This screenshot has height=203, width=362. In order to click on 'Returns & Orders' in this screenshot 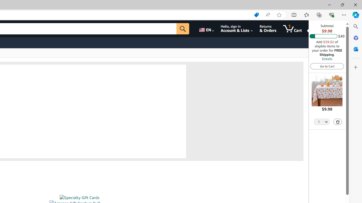, I will do `click(268, 28)`.